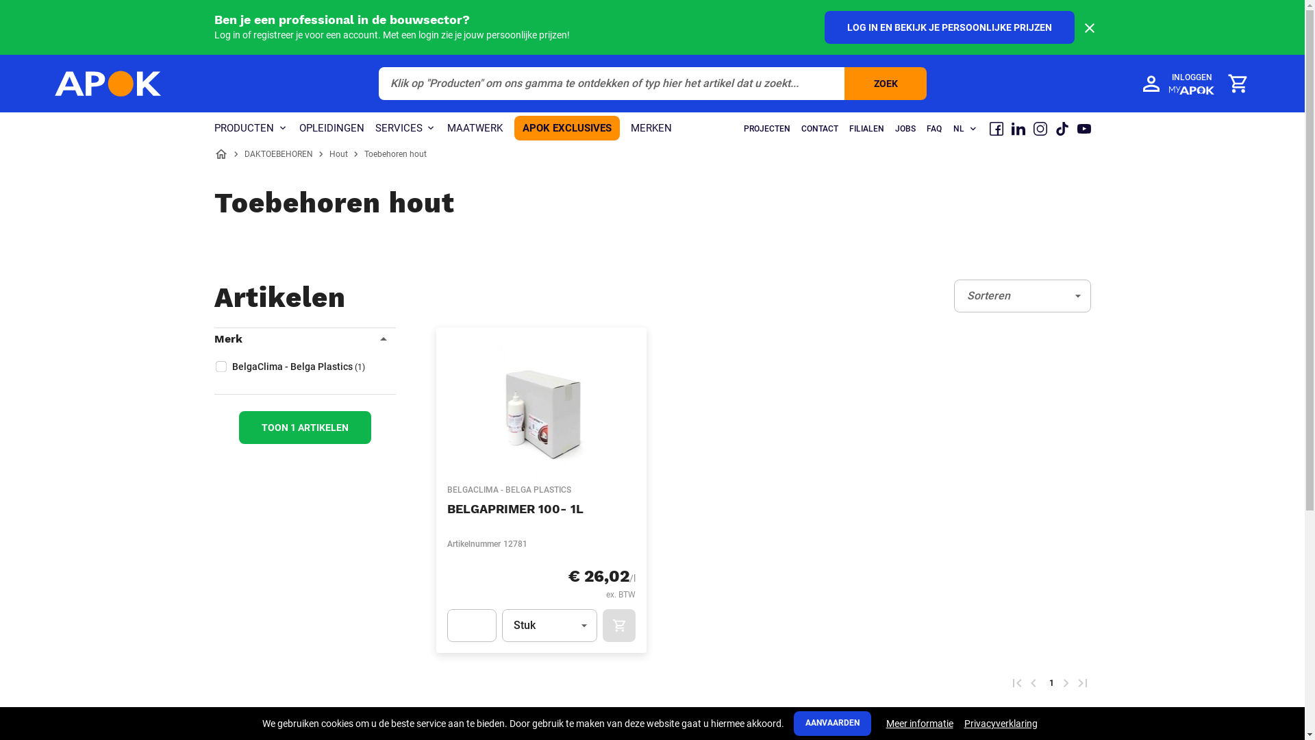  Describe the element at coordinates (894, 129) in the screenshot. I see `'JOBS'` at that location.